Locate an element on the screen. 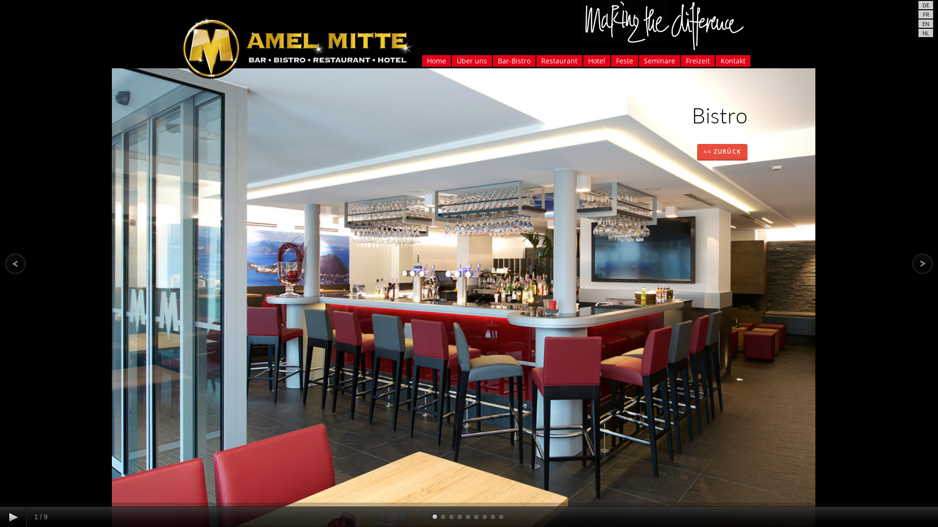 This screenshot has height=527, width=938. 'Seminare' is located at coordinates (659, 61).